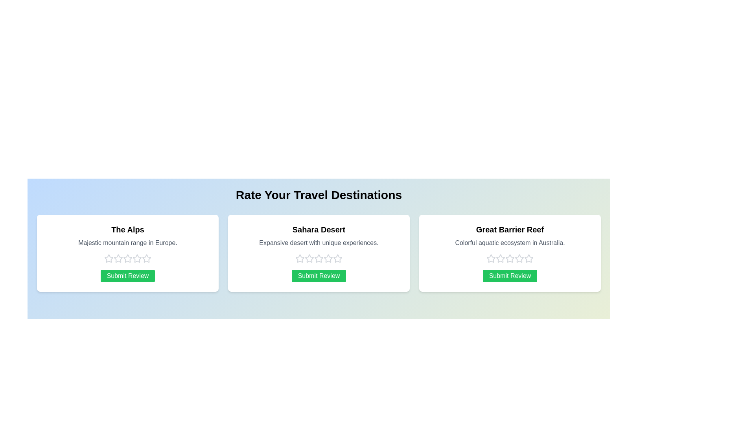  I want to click on the 'Submit Review' button for the selected destination Sahara Desert, so click(319, 275).